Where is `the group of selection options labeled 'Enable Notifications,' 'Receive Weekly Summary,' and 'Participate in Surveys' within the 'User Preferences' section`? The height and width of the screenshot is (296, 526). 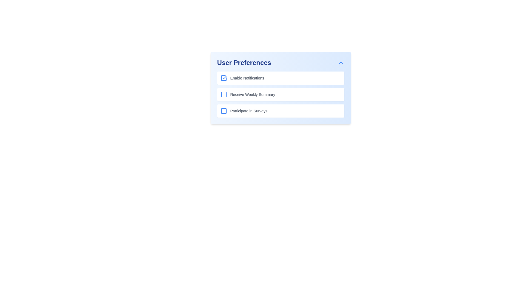 the group of selection options labeled 'Enable Notifications,' 'Receive Weekly Summary,' and 'Participate in Surveys' within the 'User Preferences' section is located at coordinates (281, 94).